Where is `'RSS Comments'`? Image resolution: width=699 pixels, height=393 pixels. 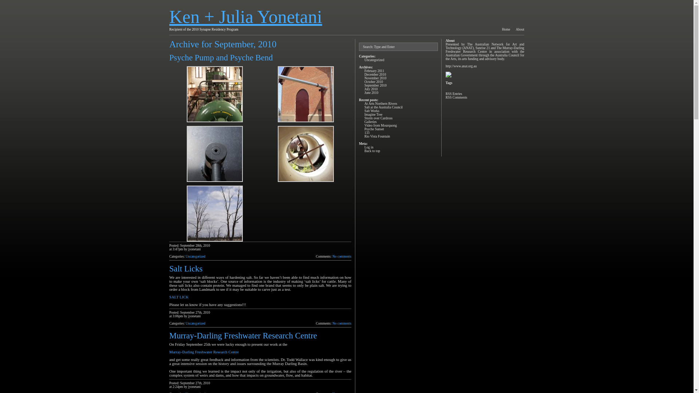 'RSS Comments' is located at coordinates (456, 97).